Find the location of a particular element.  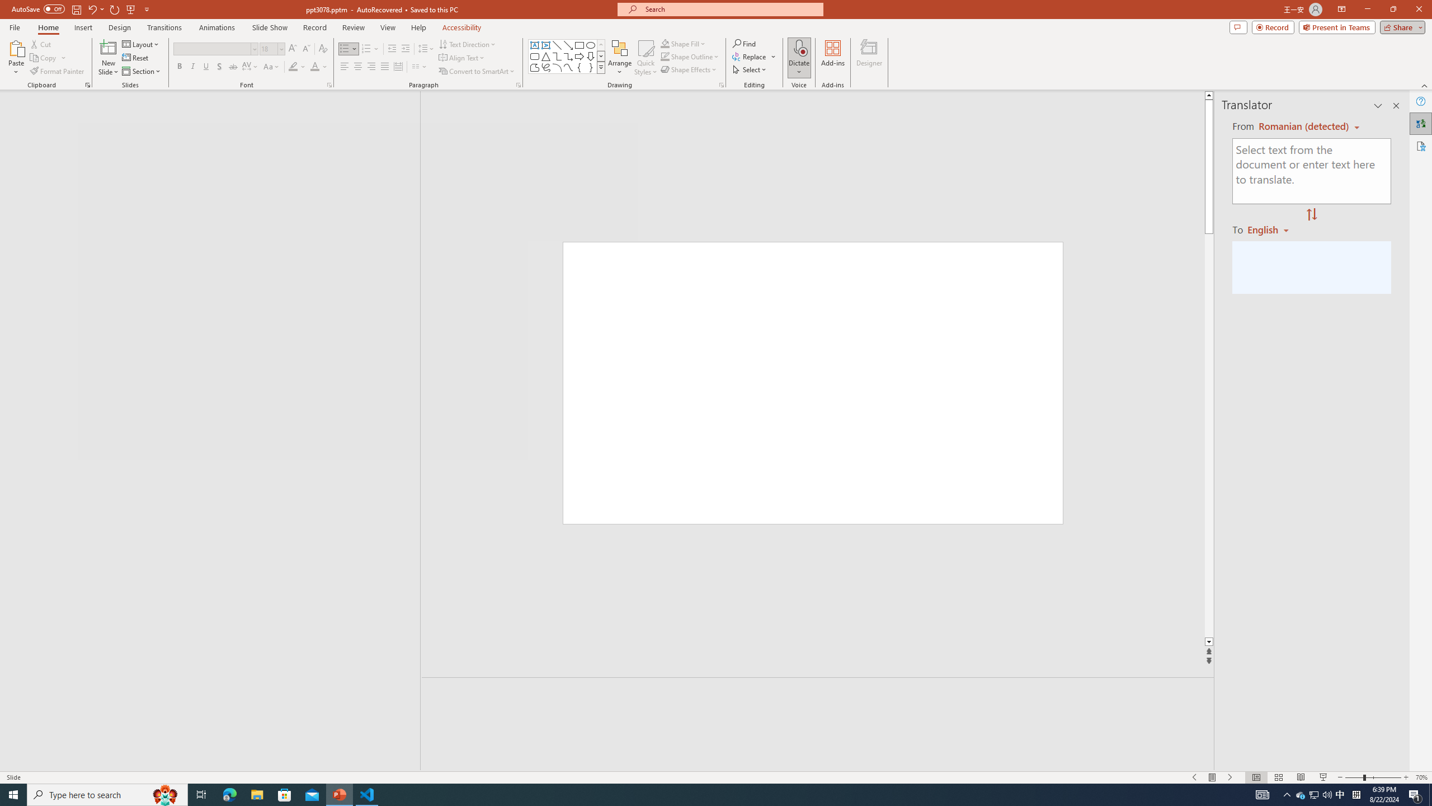

'Shape Fill' is located at coordinates (684, 43).